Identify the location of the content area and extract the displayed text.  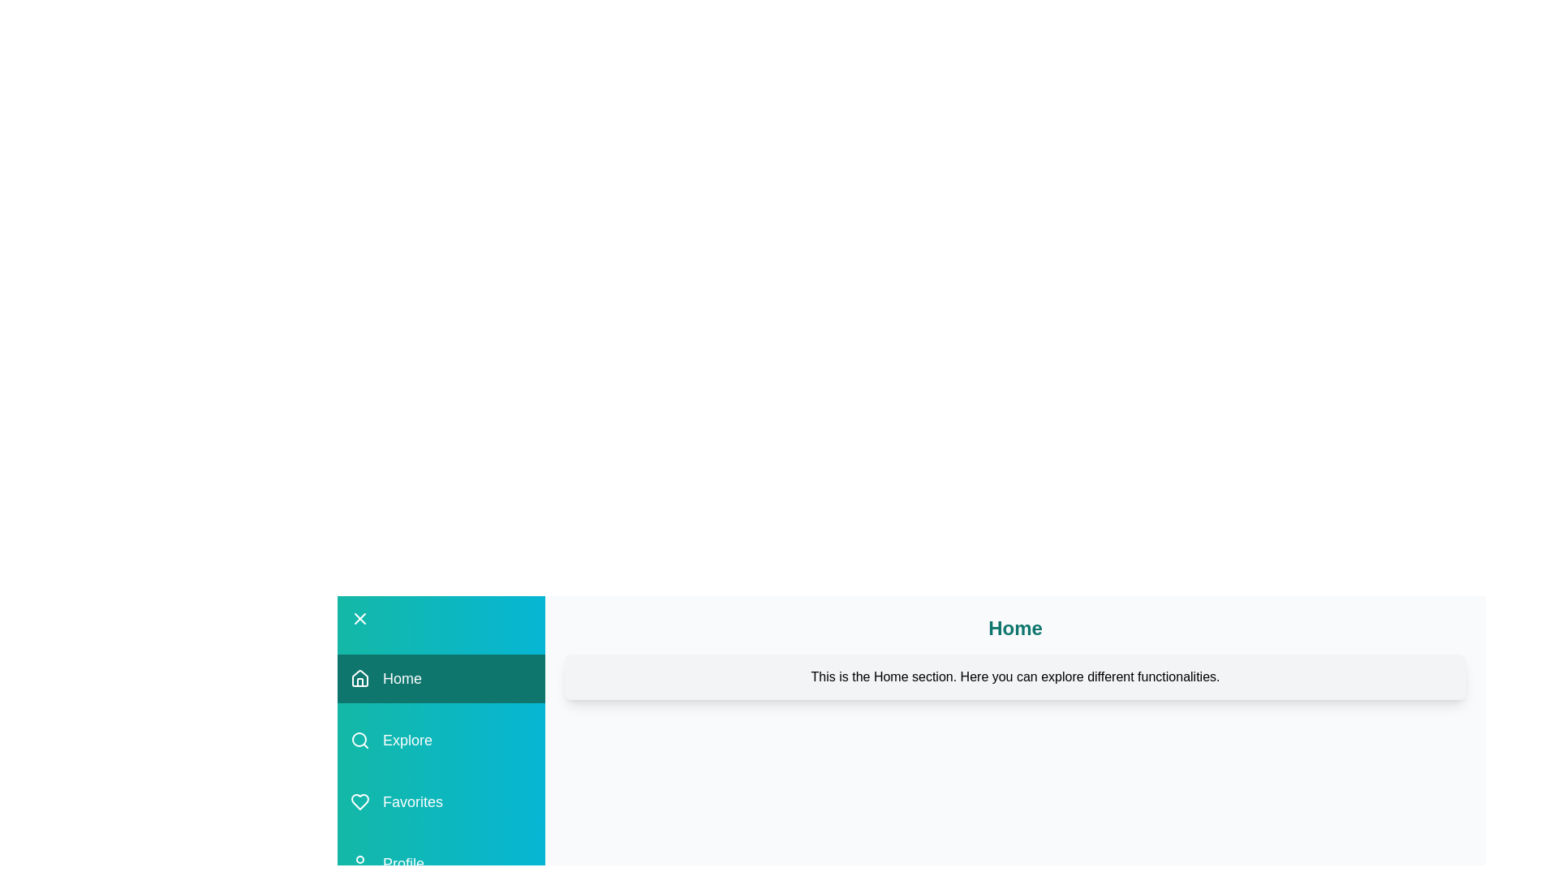
(565, 653).